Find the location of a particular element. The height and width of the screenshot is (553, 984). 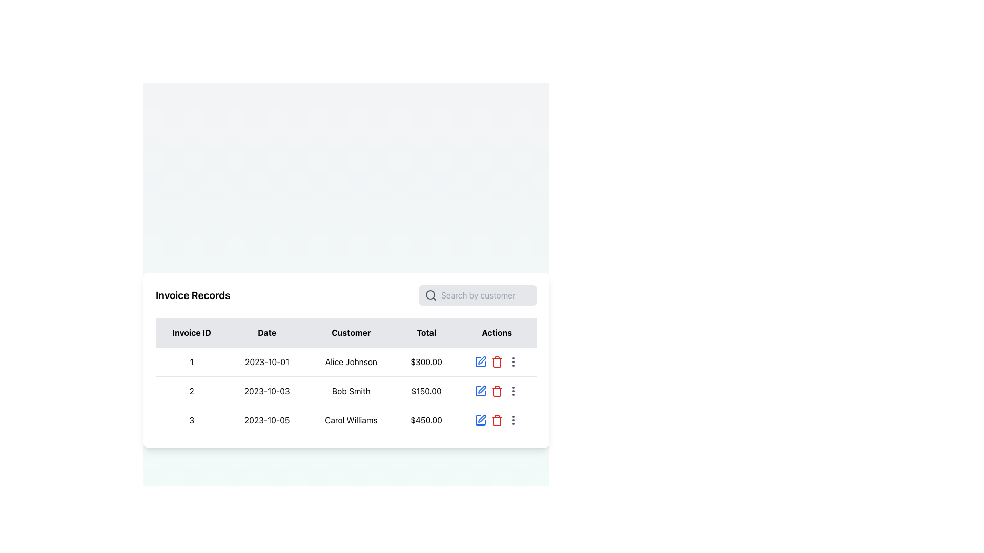

data presented in the first row of the 'Invoice Records' table, which includes the invoice ID '1', date '2023-10-01', customer name 'Alice Johnson', and amount '$300.00' is located at coordinates (346, 361).